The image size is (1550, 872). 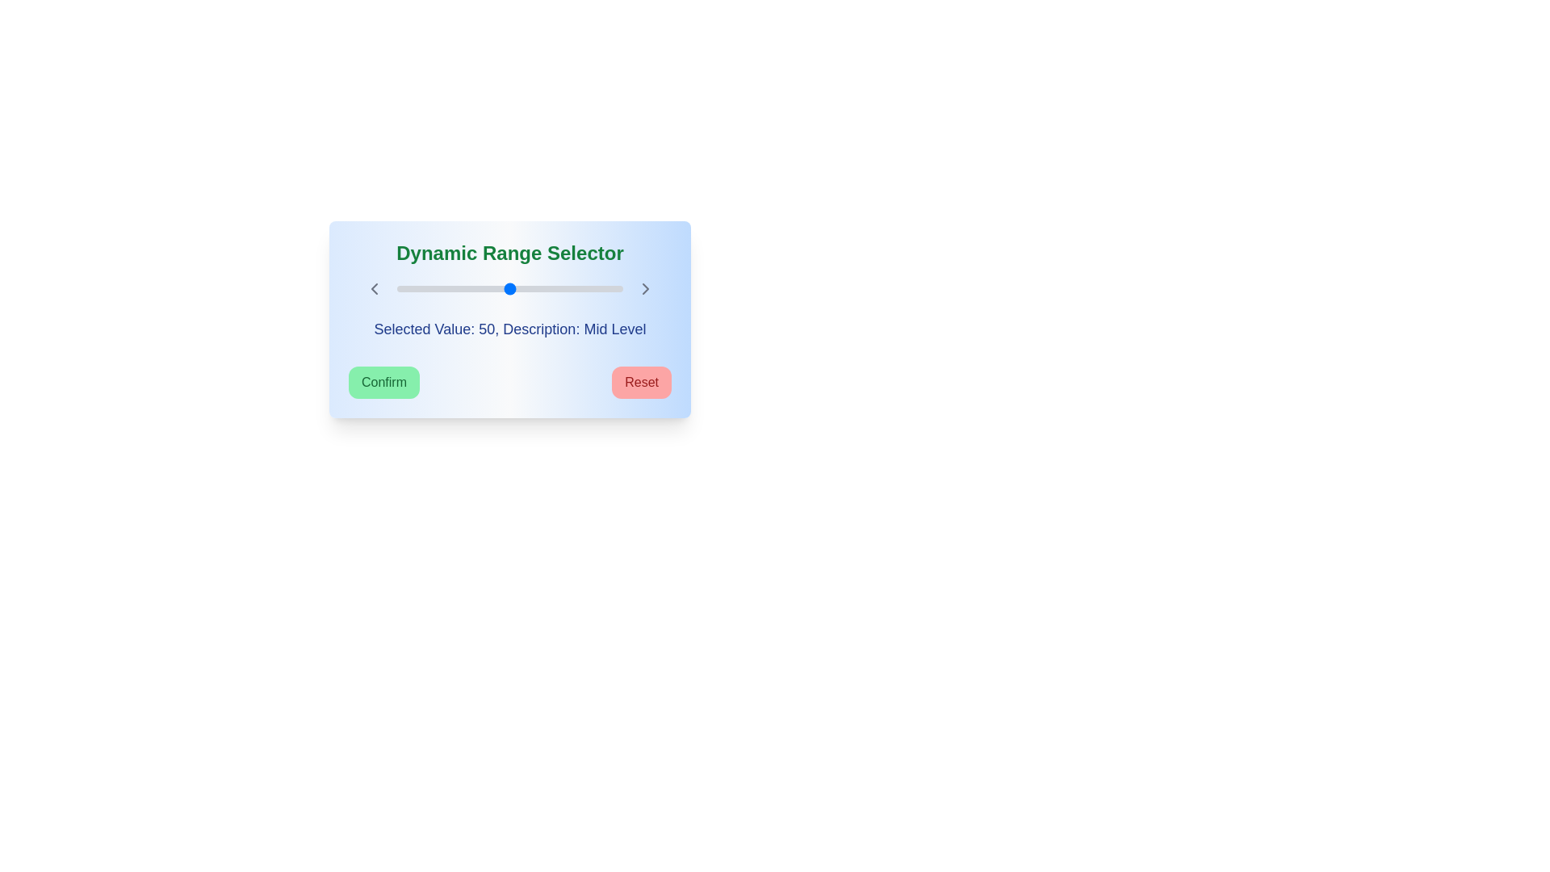 I want to click on the slider, so click(x=417, y=288).